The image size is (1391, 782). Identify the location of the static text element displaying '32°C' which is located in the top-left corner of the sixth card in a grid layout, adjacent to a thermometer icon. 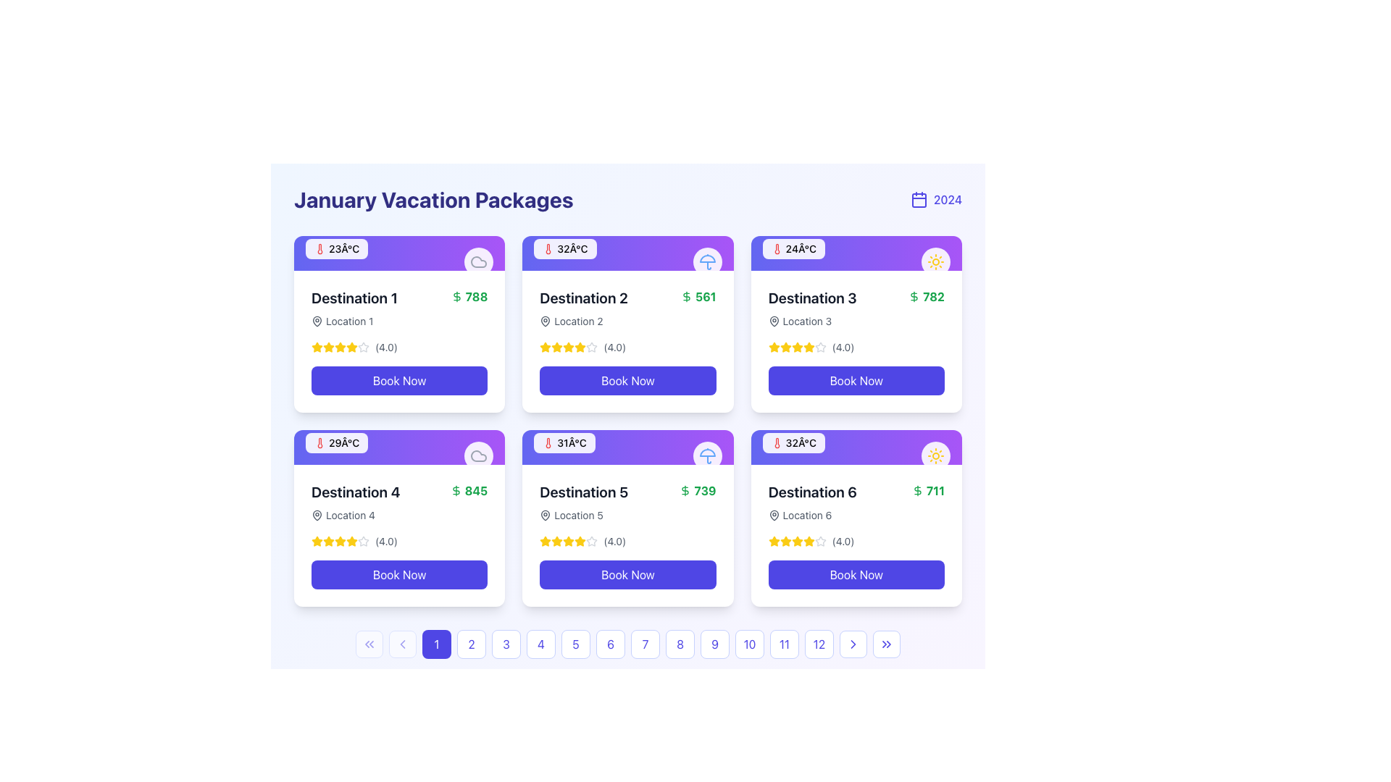
(800, 442).